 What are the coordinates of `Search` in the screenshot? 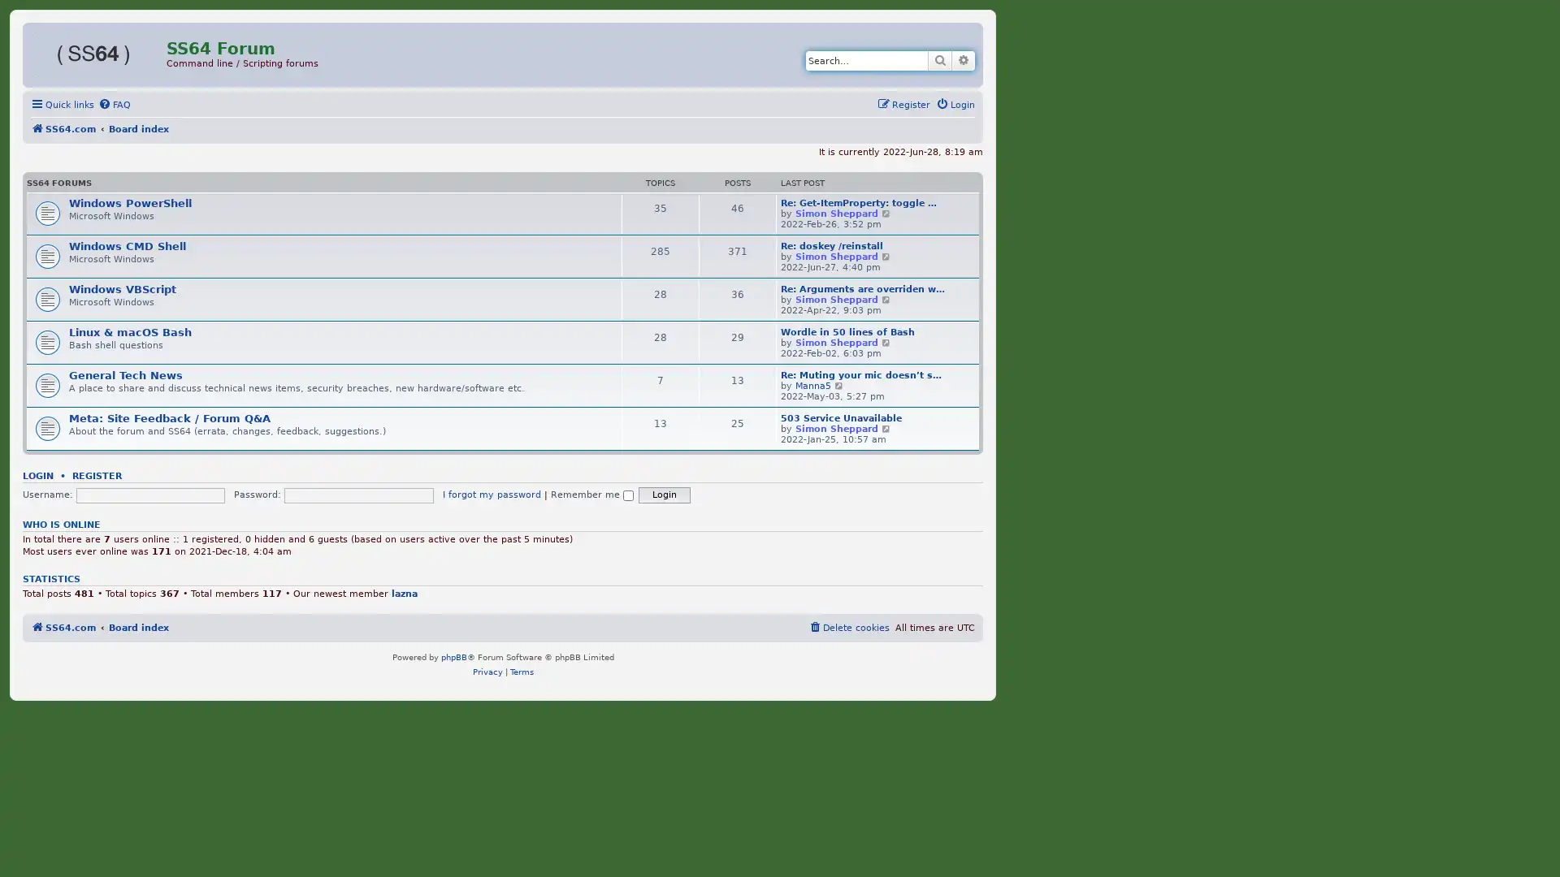 It's located at (939, 59).